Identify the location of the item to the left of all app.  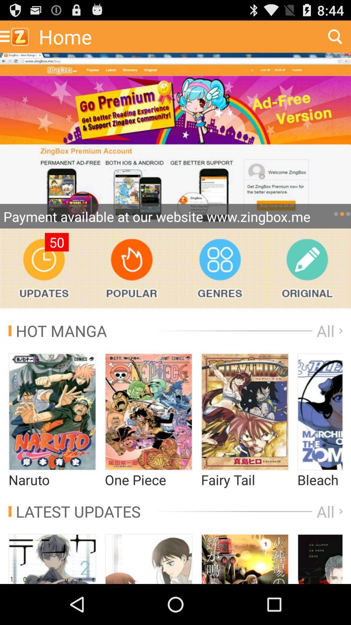
(74, 511).